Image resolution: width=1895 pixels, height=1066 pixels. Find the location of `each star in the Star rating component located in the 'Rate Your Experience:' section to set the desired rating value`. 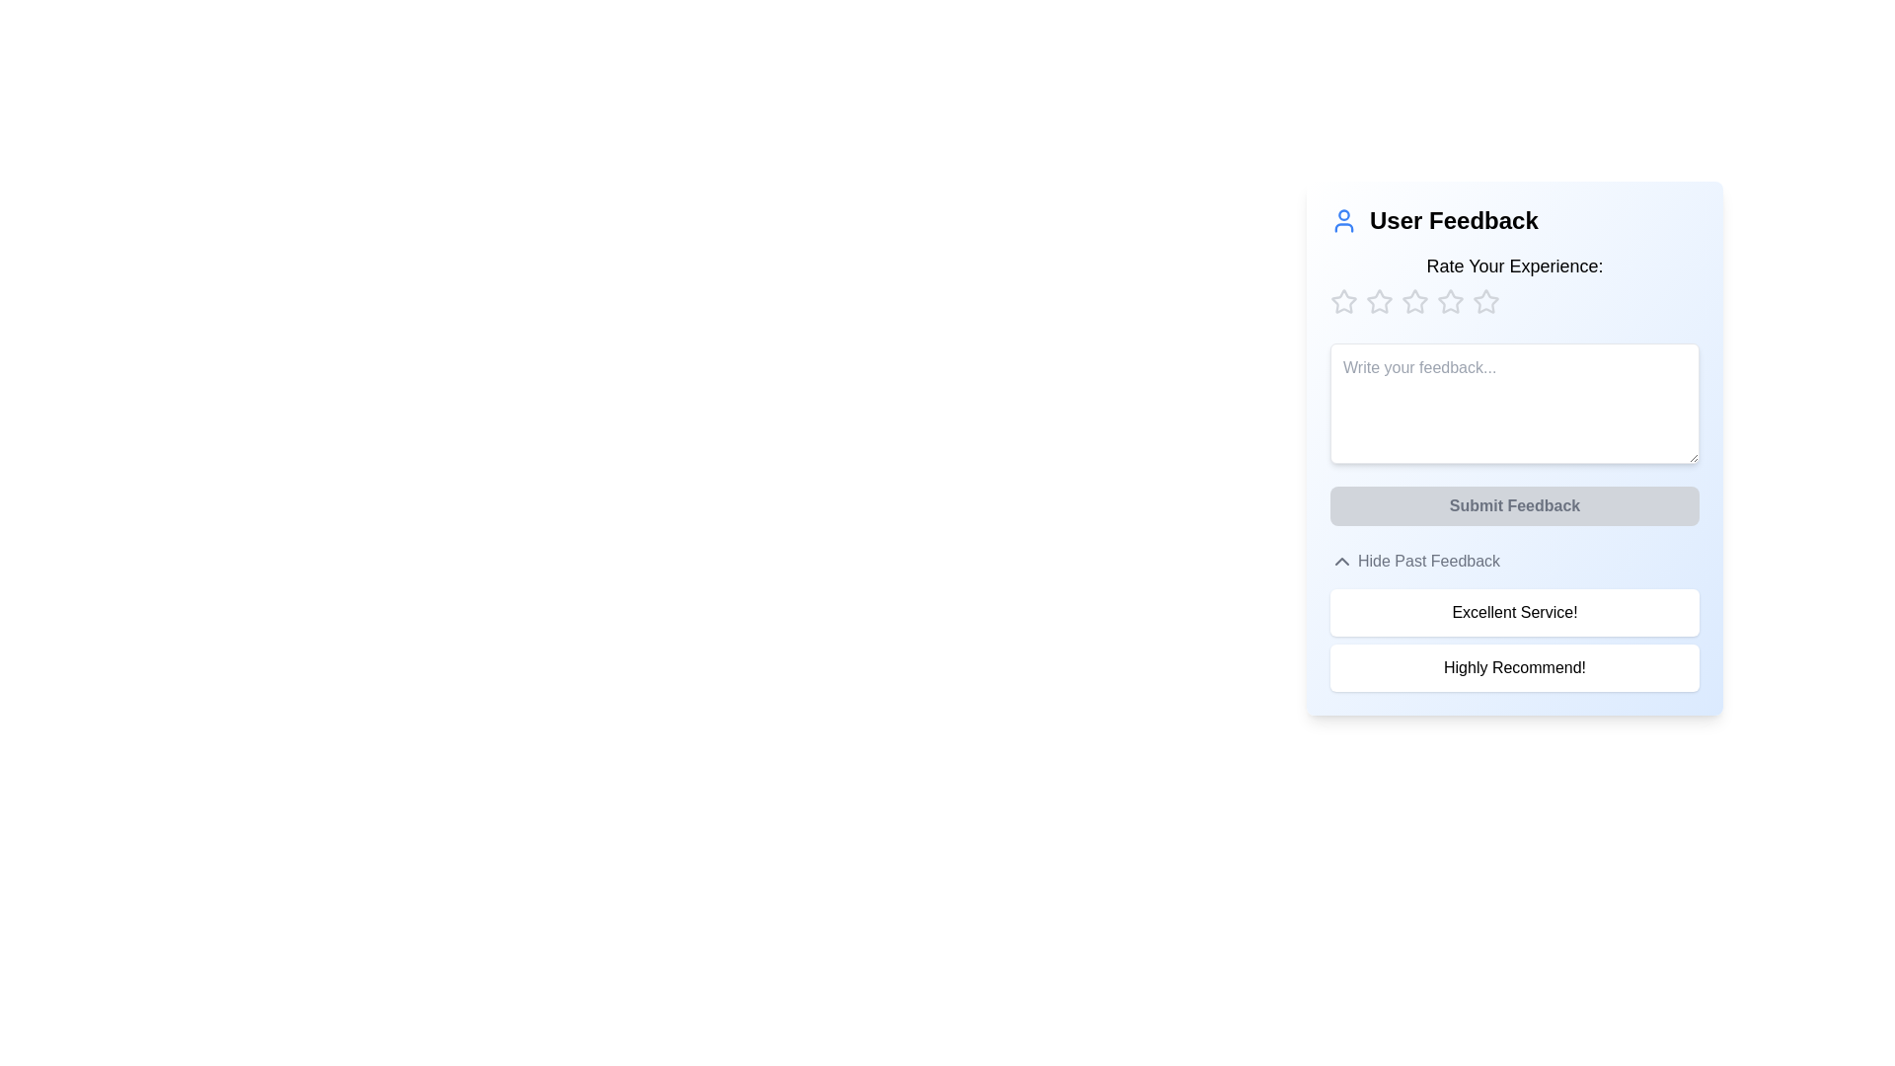

each star in the Star rating component located in the 'Rate Your Experience:' section to set the desired rating value is located at coordinates (1514, 301).